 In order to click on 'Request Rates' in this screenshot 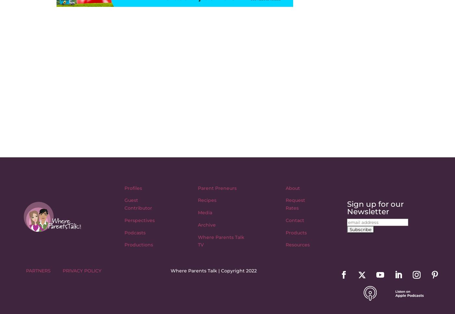, I will do `click(295, 203)`.